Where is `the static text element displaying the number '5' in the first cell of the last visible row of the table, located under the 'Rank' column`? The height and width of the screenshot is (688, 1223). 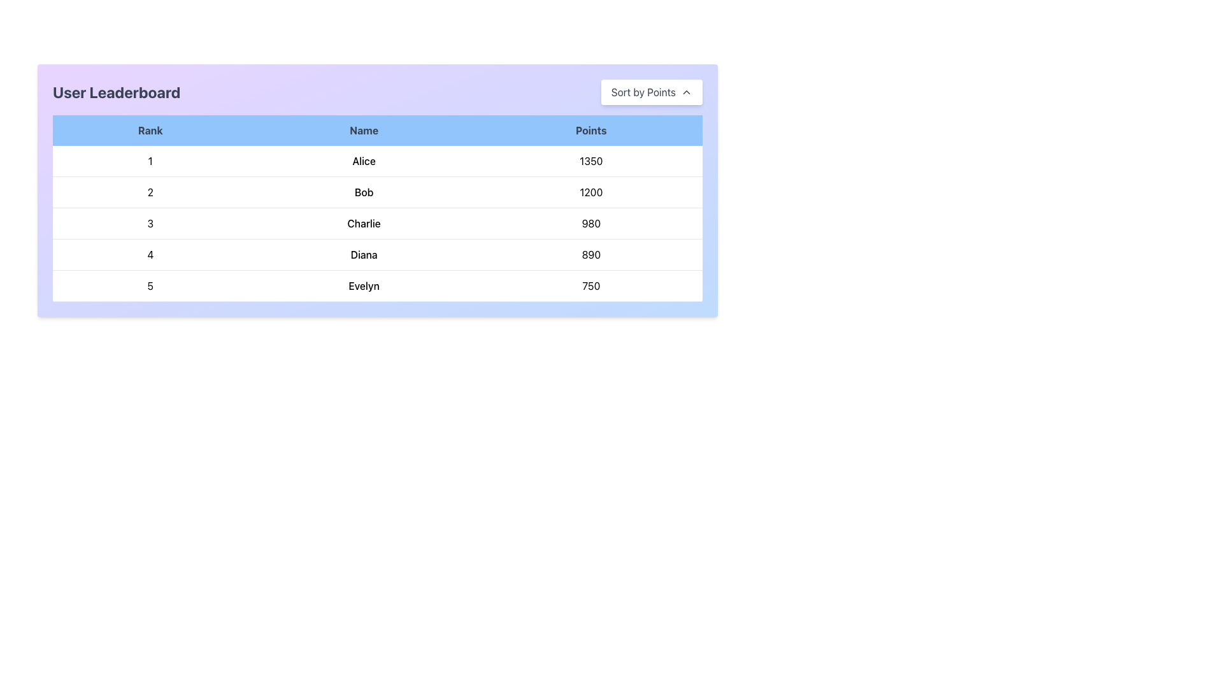 the static text element displaying the number '5' in the first cell of the last visible row of the table, located under the 'Rank' column is located at coordinates (150, 285).